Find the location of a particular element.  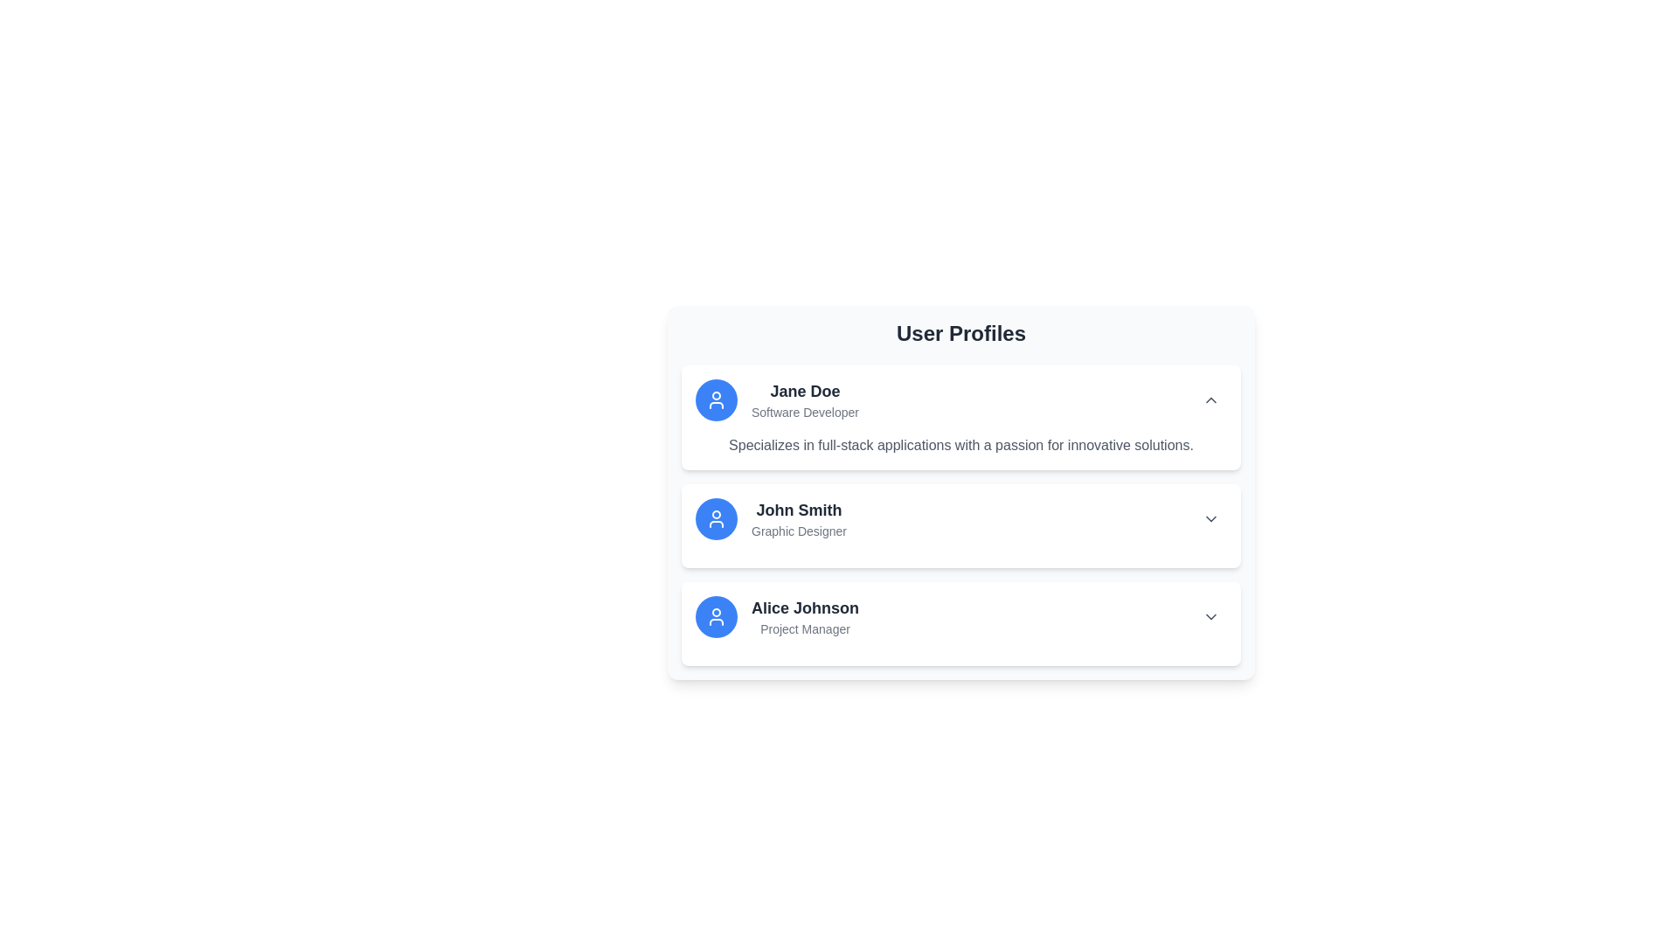

the Profile Icon is located at coordinates (717, 615).